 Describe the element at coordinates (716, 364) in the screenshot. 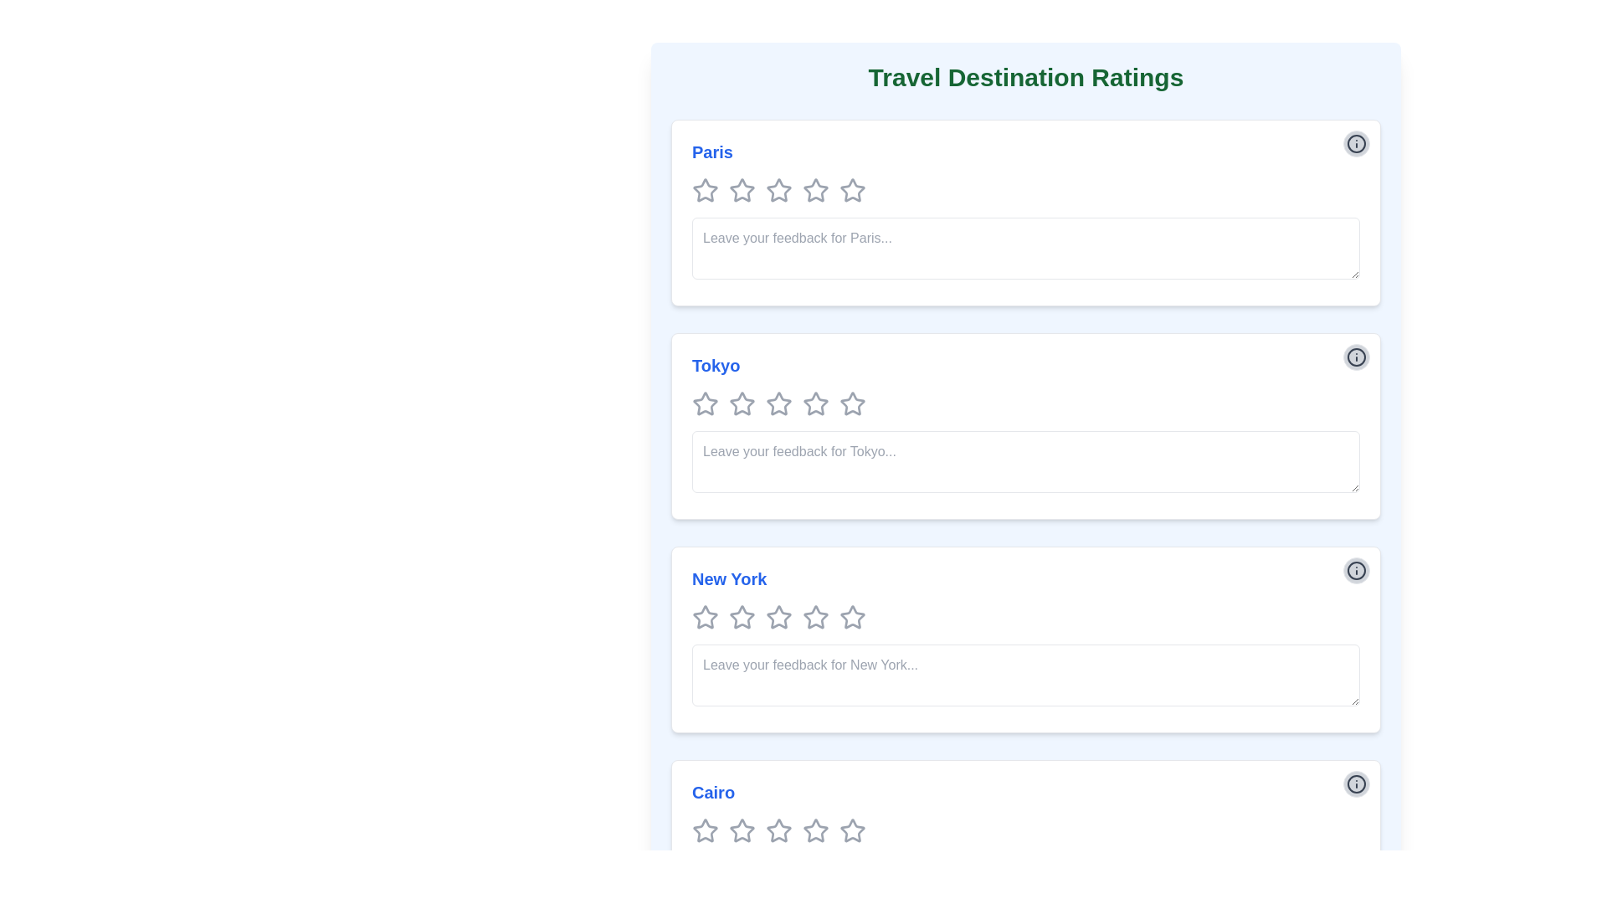

I see `the Text label that serves as the title for the Tokyo section` at that location.